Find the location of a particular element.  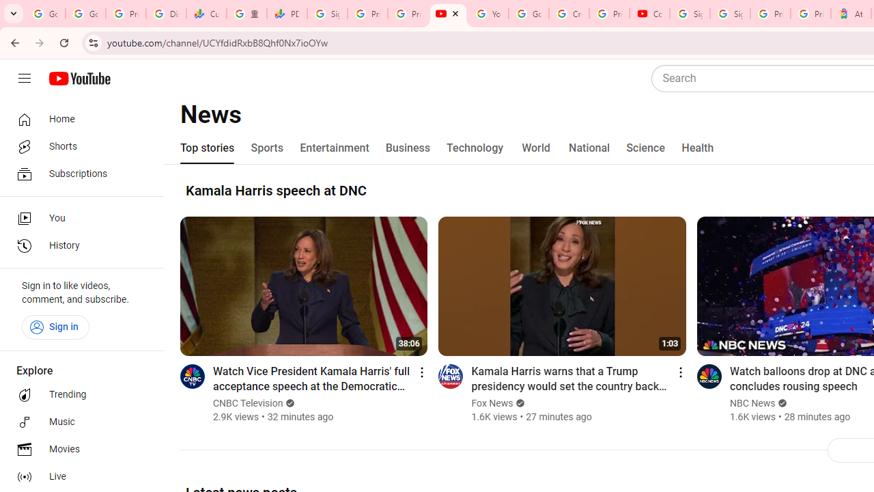

'Fox News' is located at coordinates (492, 402).